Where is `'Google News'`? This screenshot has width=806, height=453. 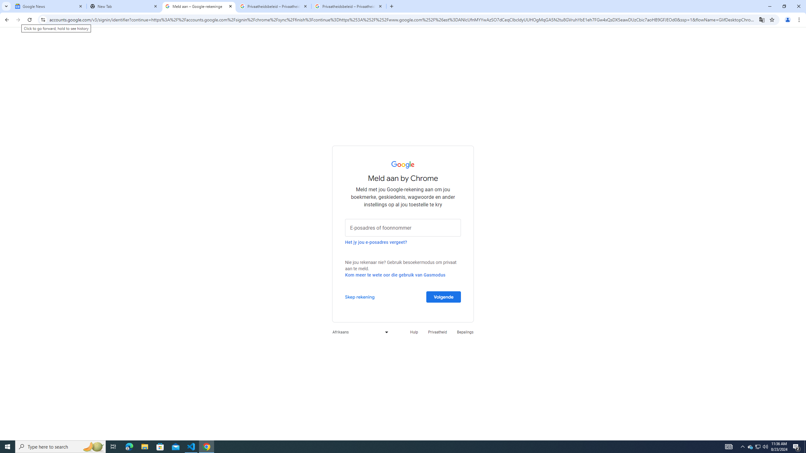 'Google News' is located at coordinates (49, 6).